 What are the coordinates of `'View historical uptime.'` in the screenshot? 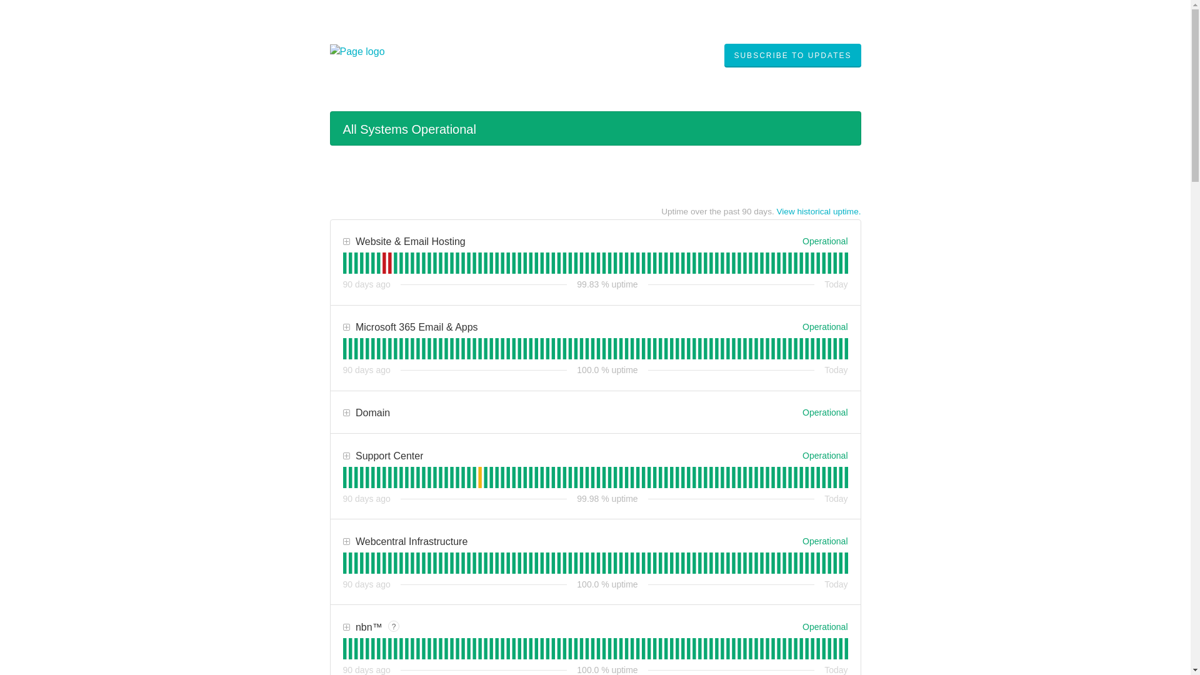 It's located at (776, 211).